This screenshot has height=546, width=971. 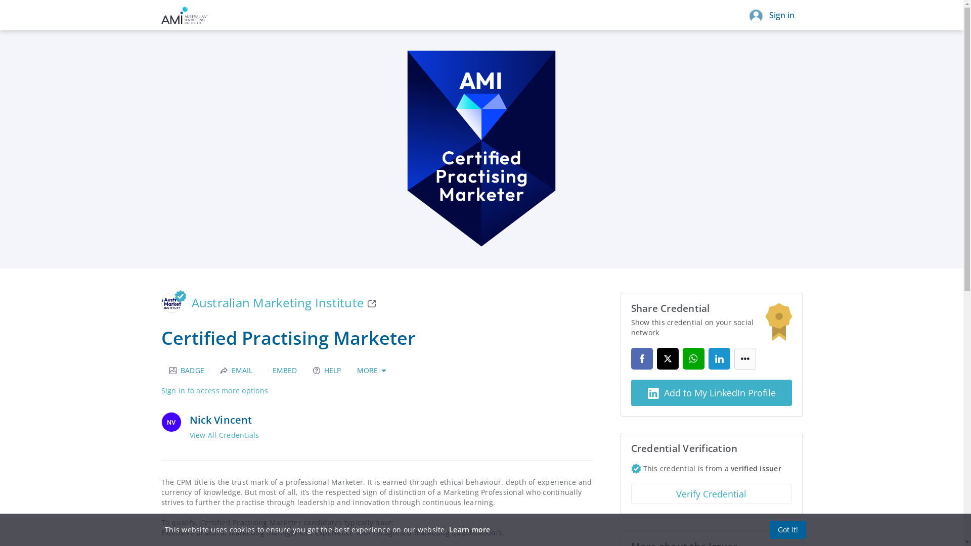 What do you see at coordinates (282, 370) in the screenshot?
I see `'EMBED'` at bounding box center [282, 370].